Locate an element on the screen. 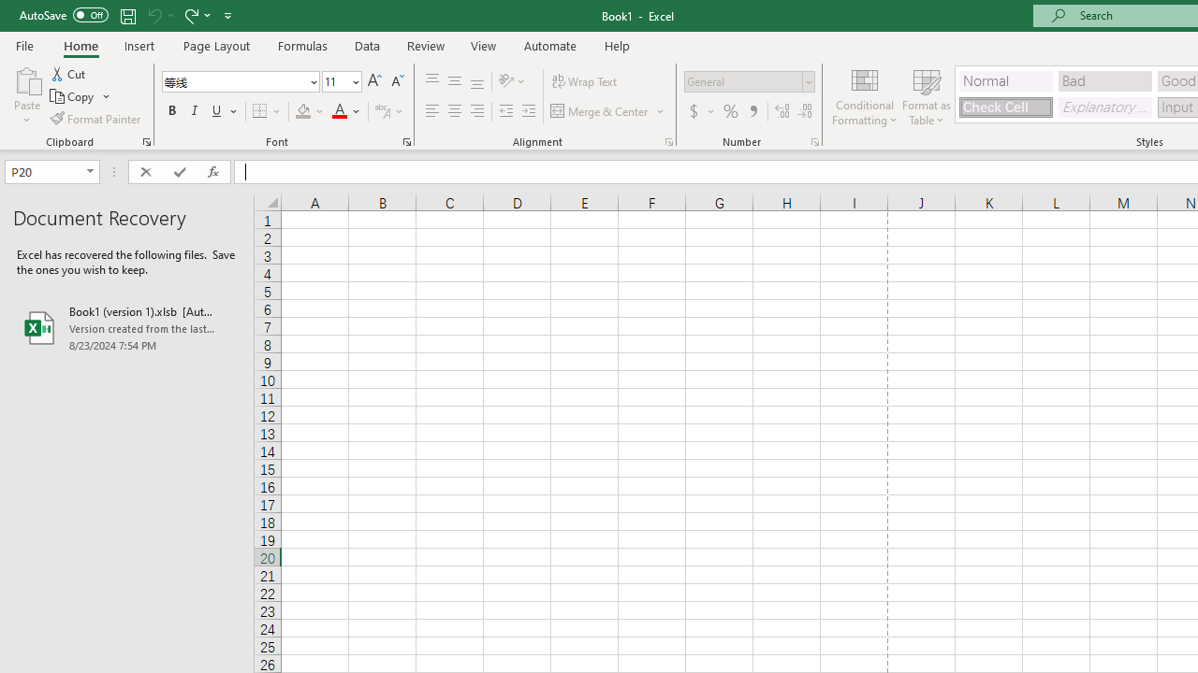 This screenshot has width=1198, height=673. 'Paste' is located at coordinates (26, 96).